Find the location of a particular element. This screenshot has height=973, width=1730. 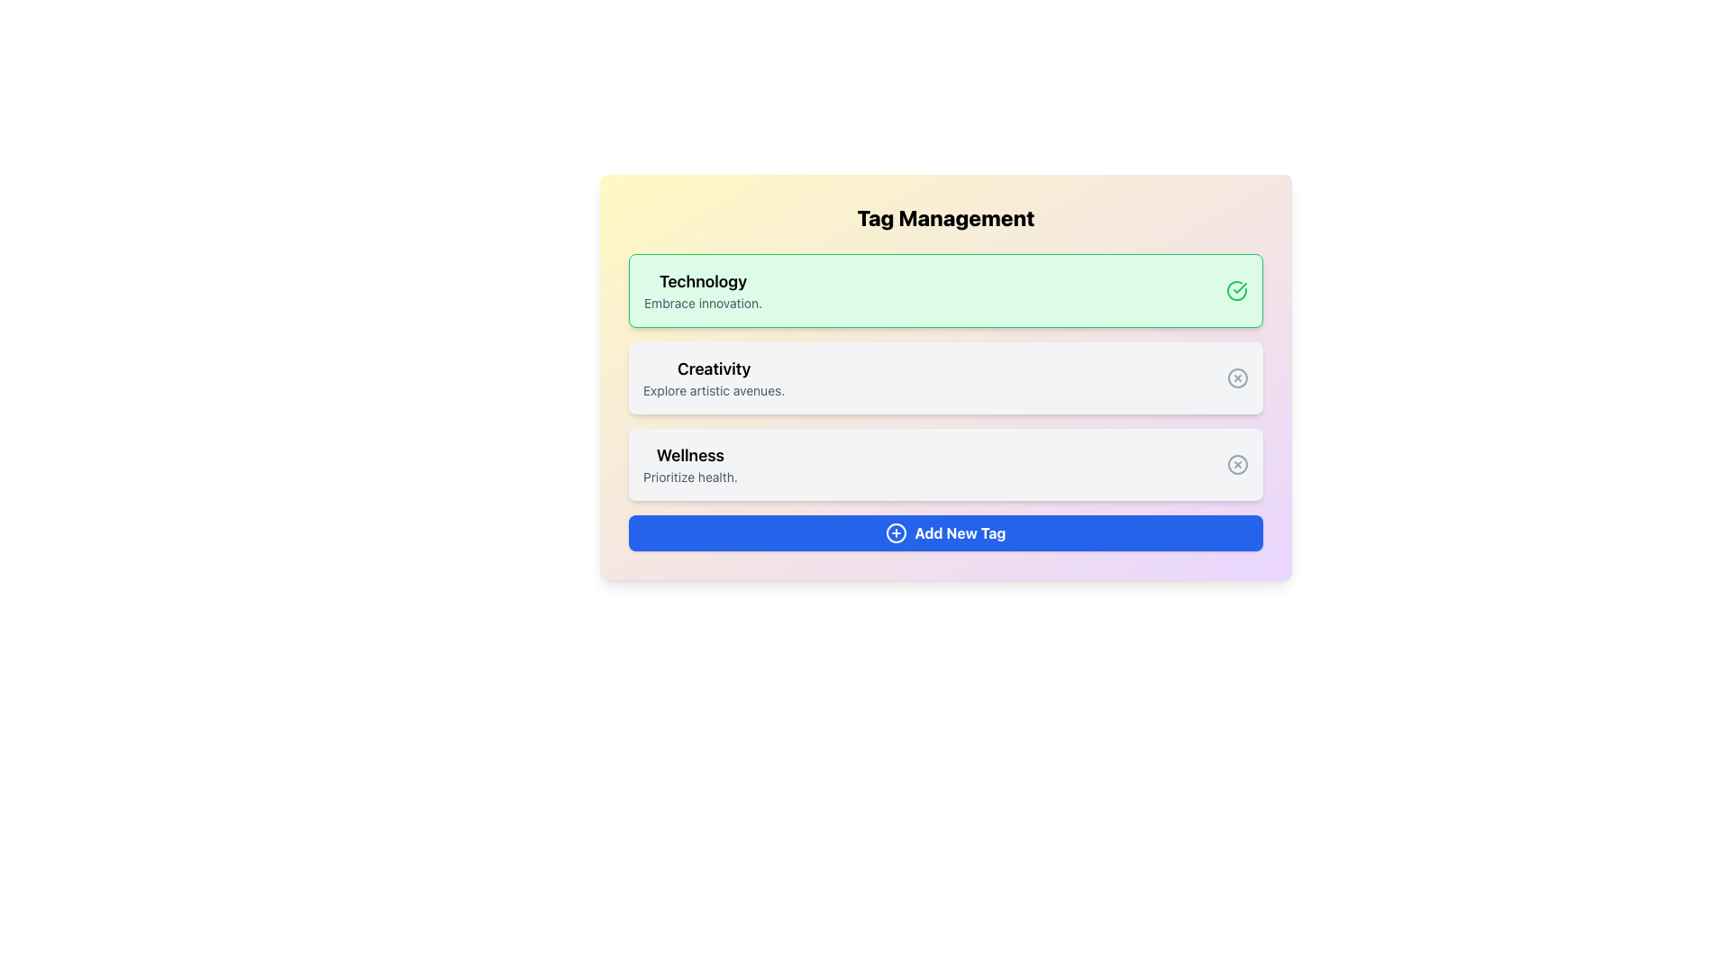

the static text element located directly below the 'Technology' heading in the 'Tag Management' interface, which serves as a descriptive subtitle for additional context is located at coordinates (702, 302).